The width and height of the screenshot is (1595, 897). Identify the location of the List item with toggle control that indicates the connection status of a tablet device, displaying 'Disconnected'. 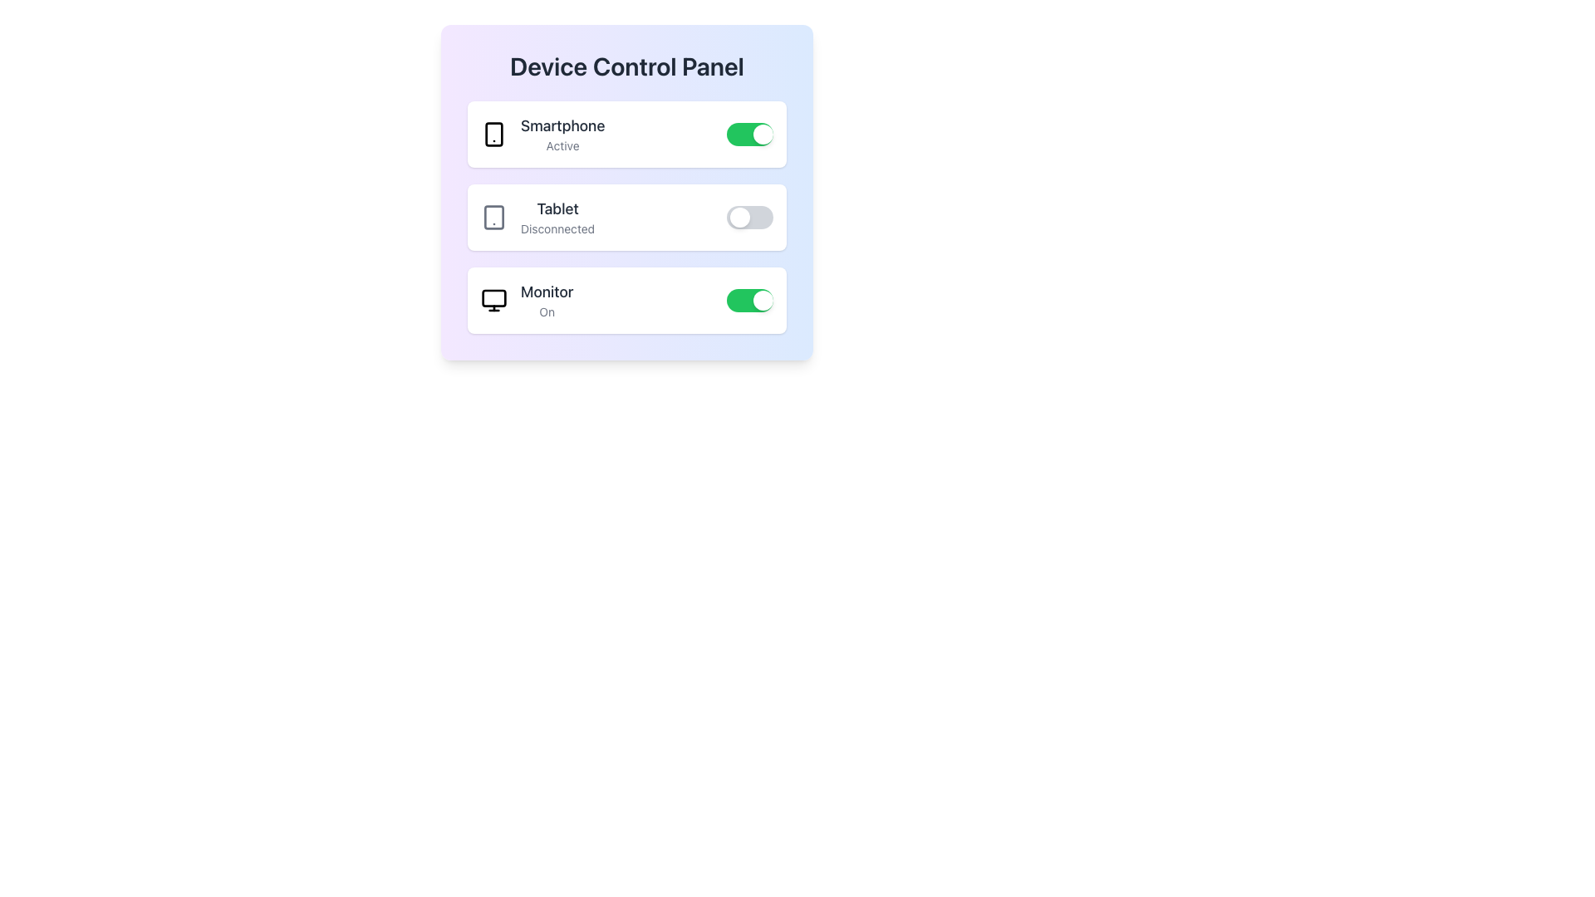
(626, 217).